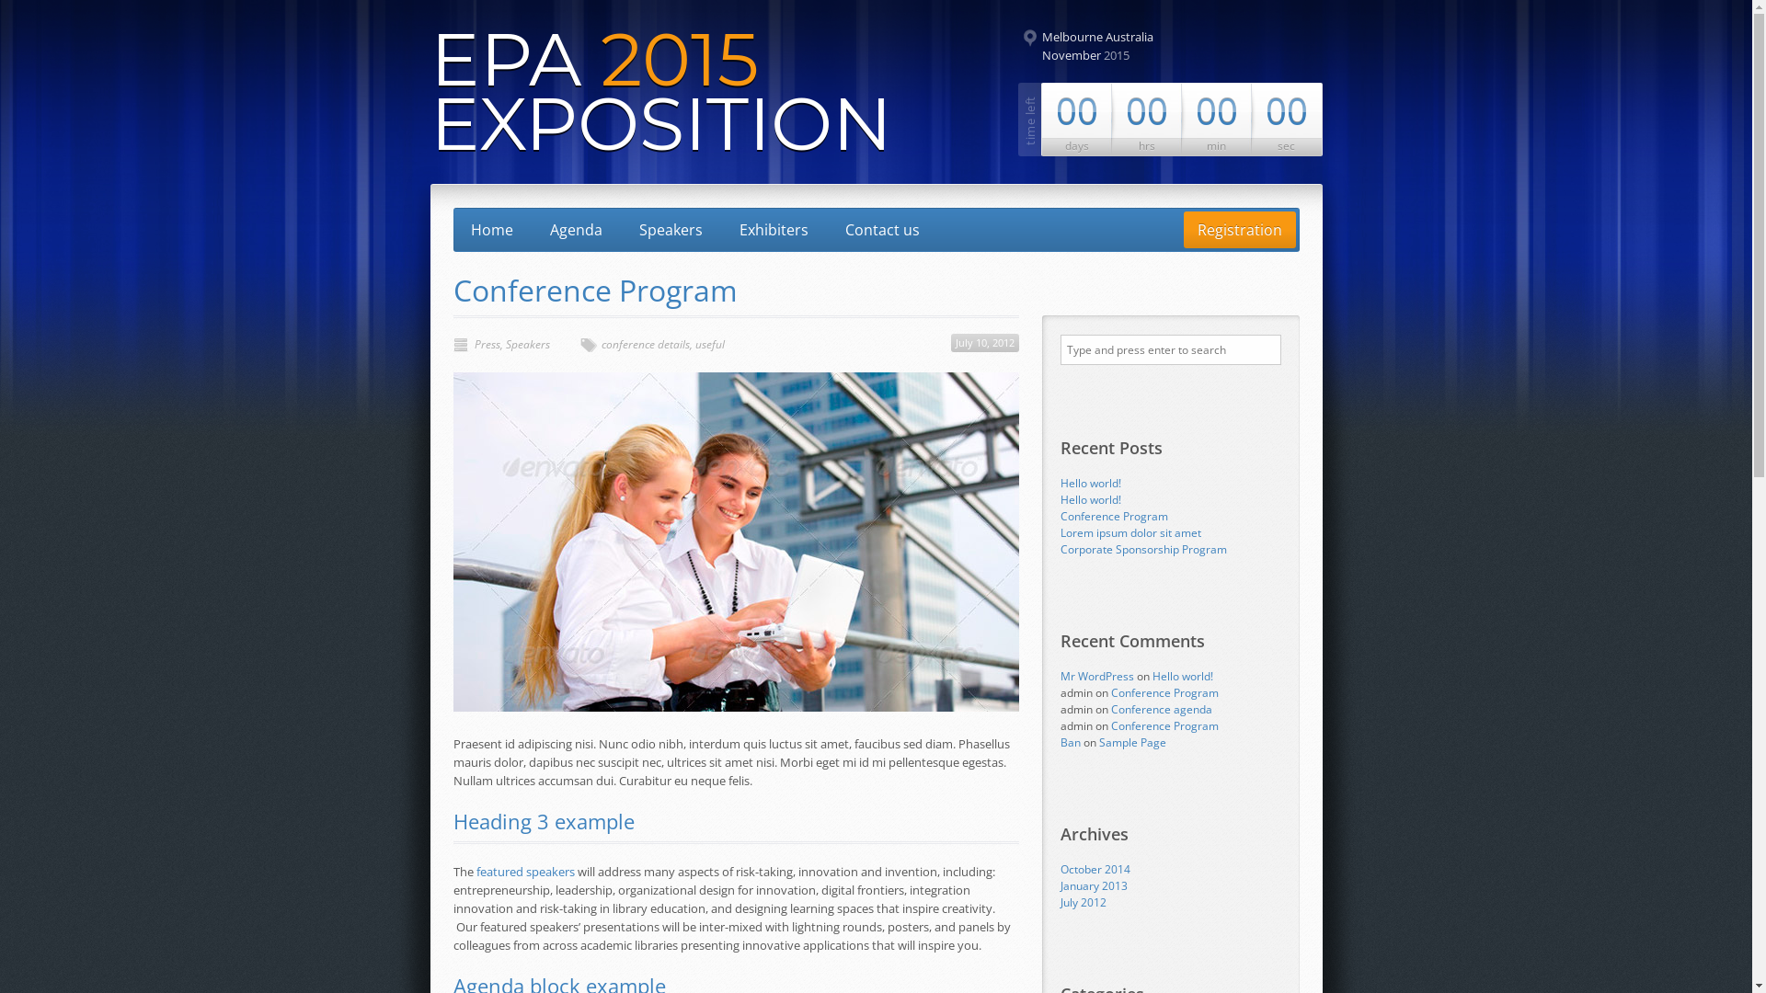  What do you see at coordinates (1110, 692) in the screenshot?
I see `'Conference Program'` at bounding box center [1110, 692].